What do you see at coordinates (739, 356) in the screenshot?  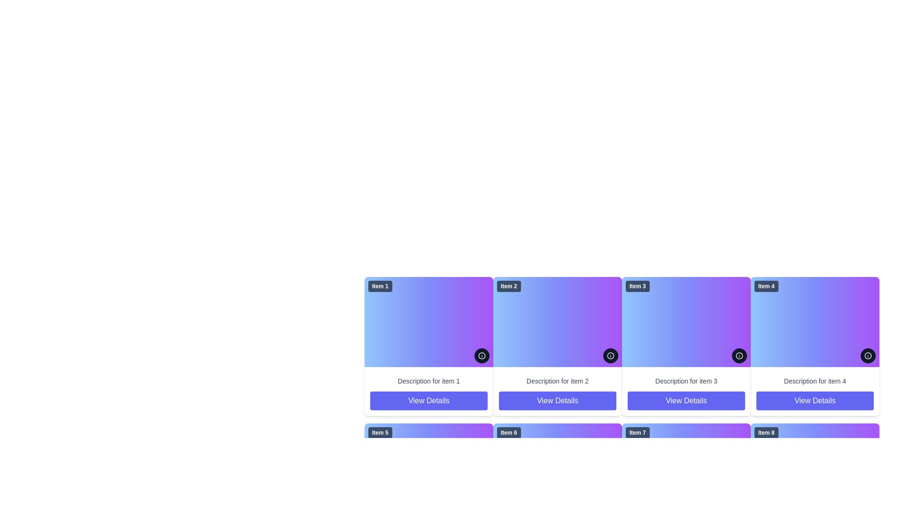 I see `the button in the bottom-right corner of the card labeled 'Item 3'` at bounding box center [739, 356].